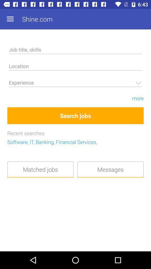  I want to click on job title skills, so click(75, 50).